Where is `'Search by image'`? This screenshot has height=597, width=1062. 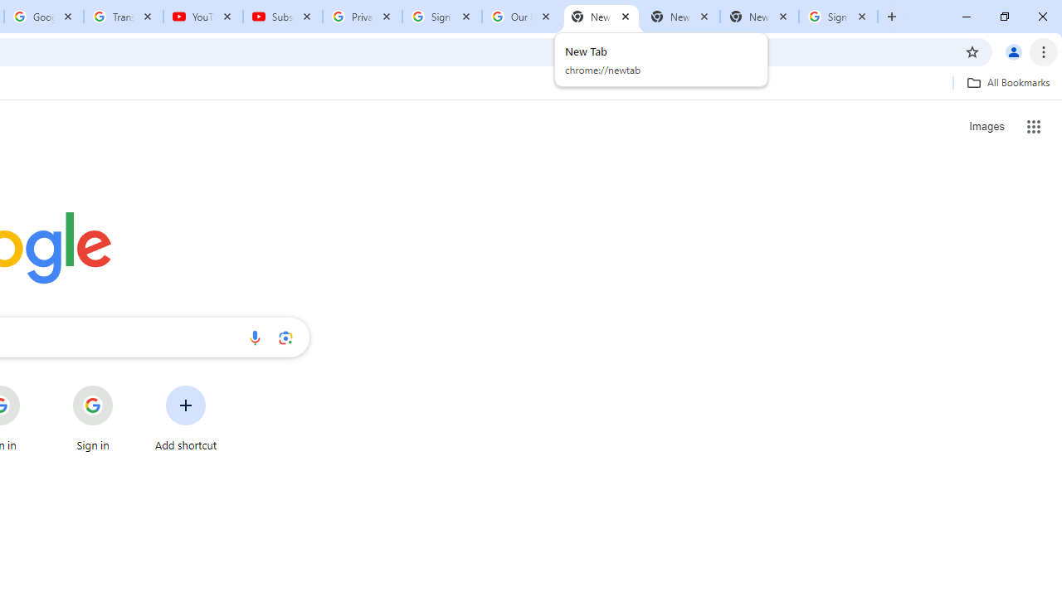
'Search by image' is located at coordinates (285, 337).